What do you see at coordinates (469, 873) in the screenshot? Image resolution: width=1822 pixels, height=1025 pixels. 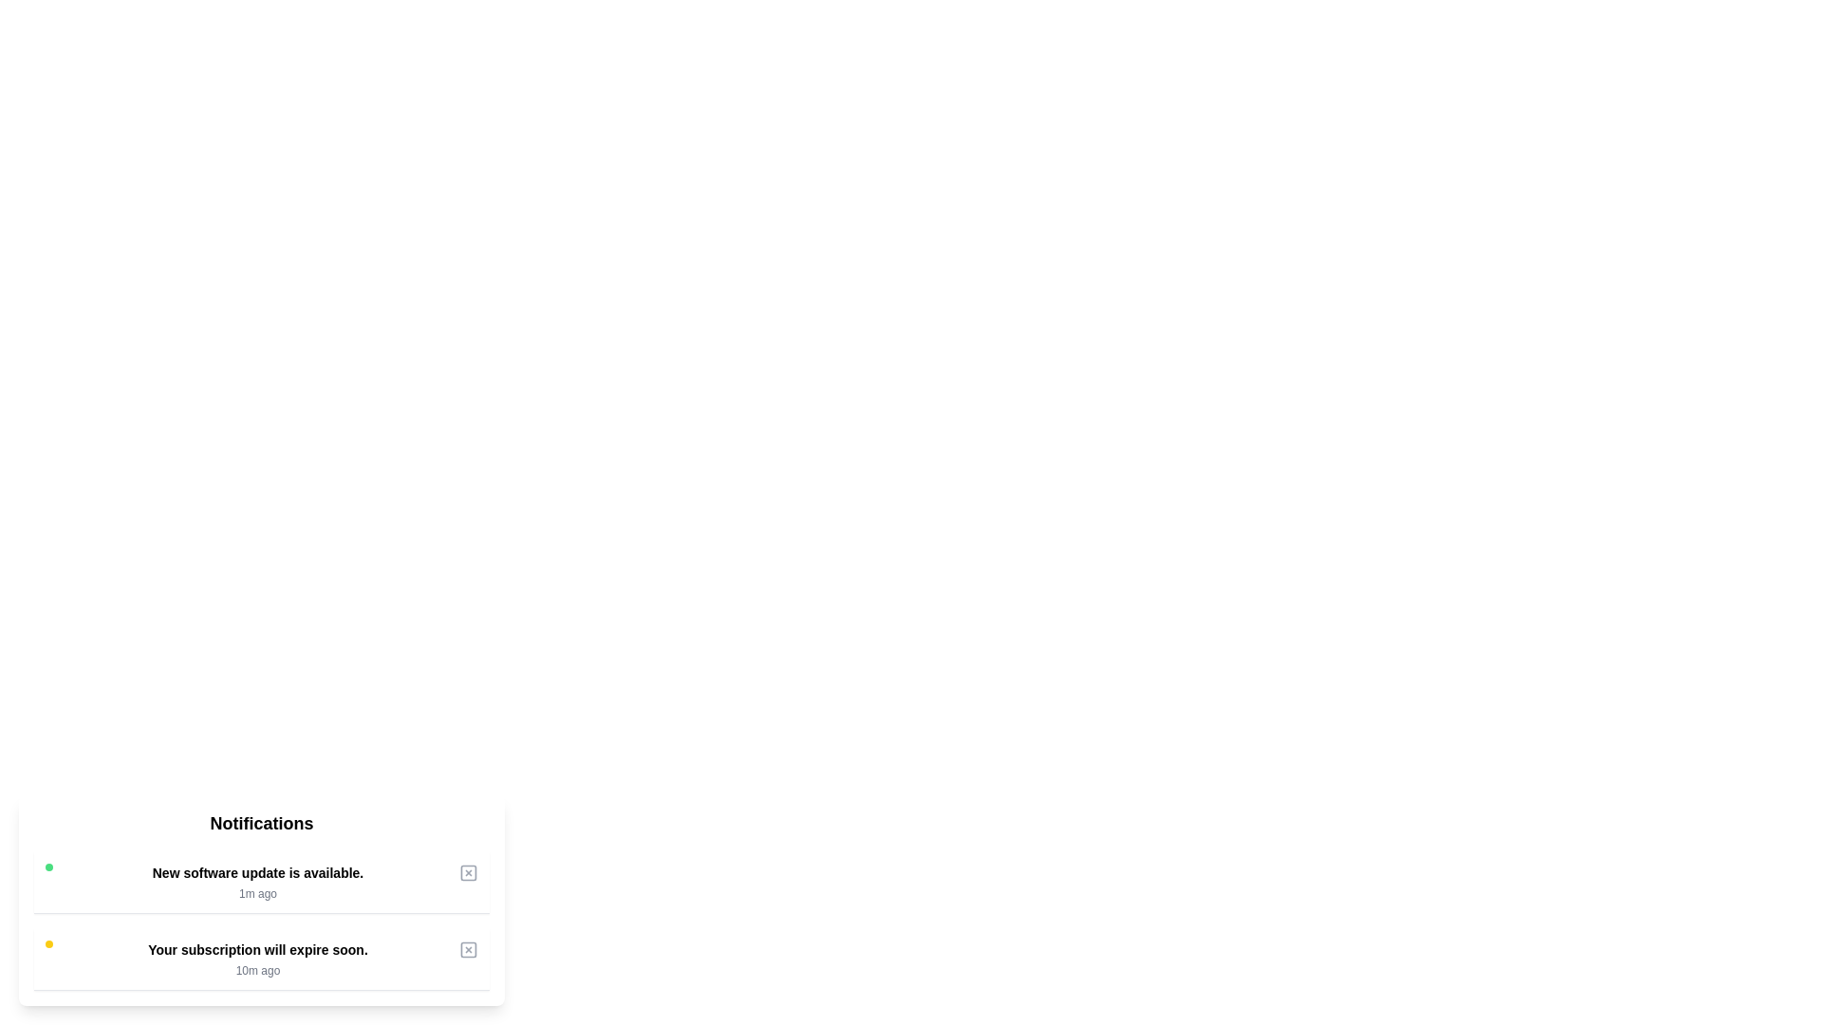 I see `the Close button, which is a small square with rounded corners and a cross inside, located in the upper right corner of the notification panel titled 'New software update is available.'` at bounding box center [469, 873].